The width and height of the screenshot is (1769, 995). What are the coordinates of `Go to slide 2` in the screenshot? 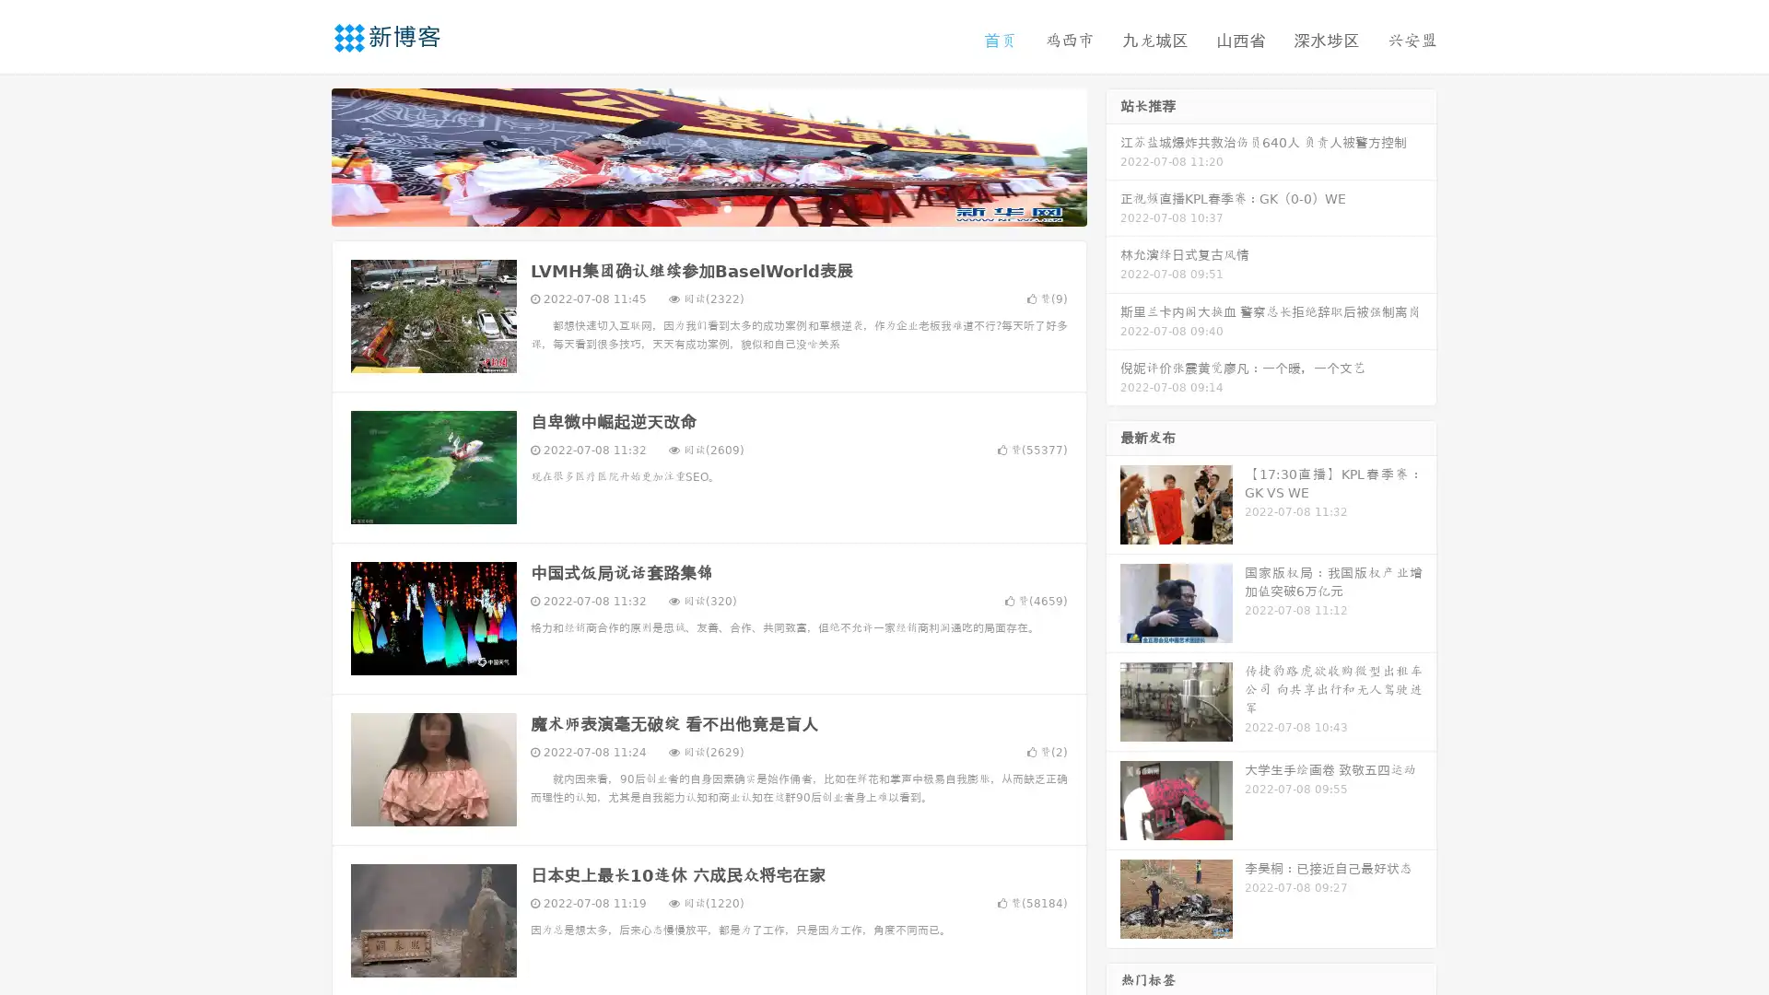 It's located at (708, 207).